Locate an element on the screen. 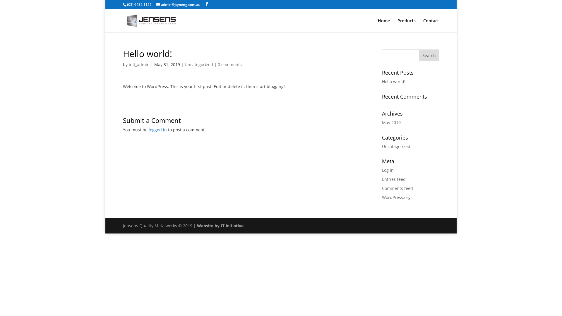 The image size is (562, 316). 'init_admin' is located at coordinates (139, 64).